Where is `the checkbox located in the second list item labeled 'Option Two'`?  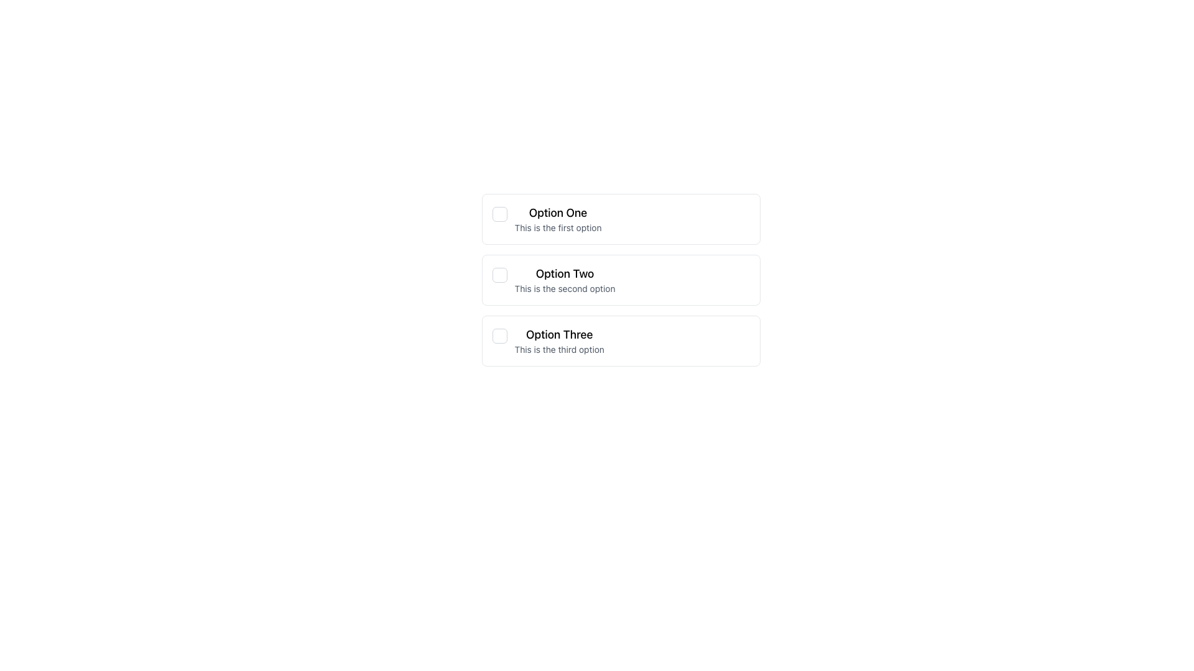 the checkbox located in the second list item labeled 'Option Two' is located at coordinates (499, 275).